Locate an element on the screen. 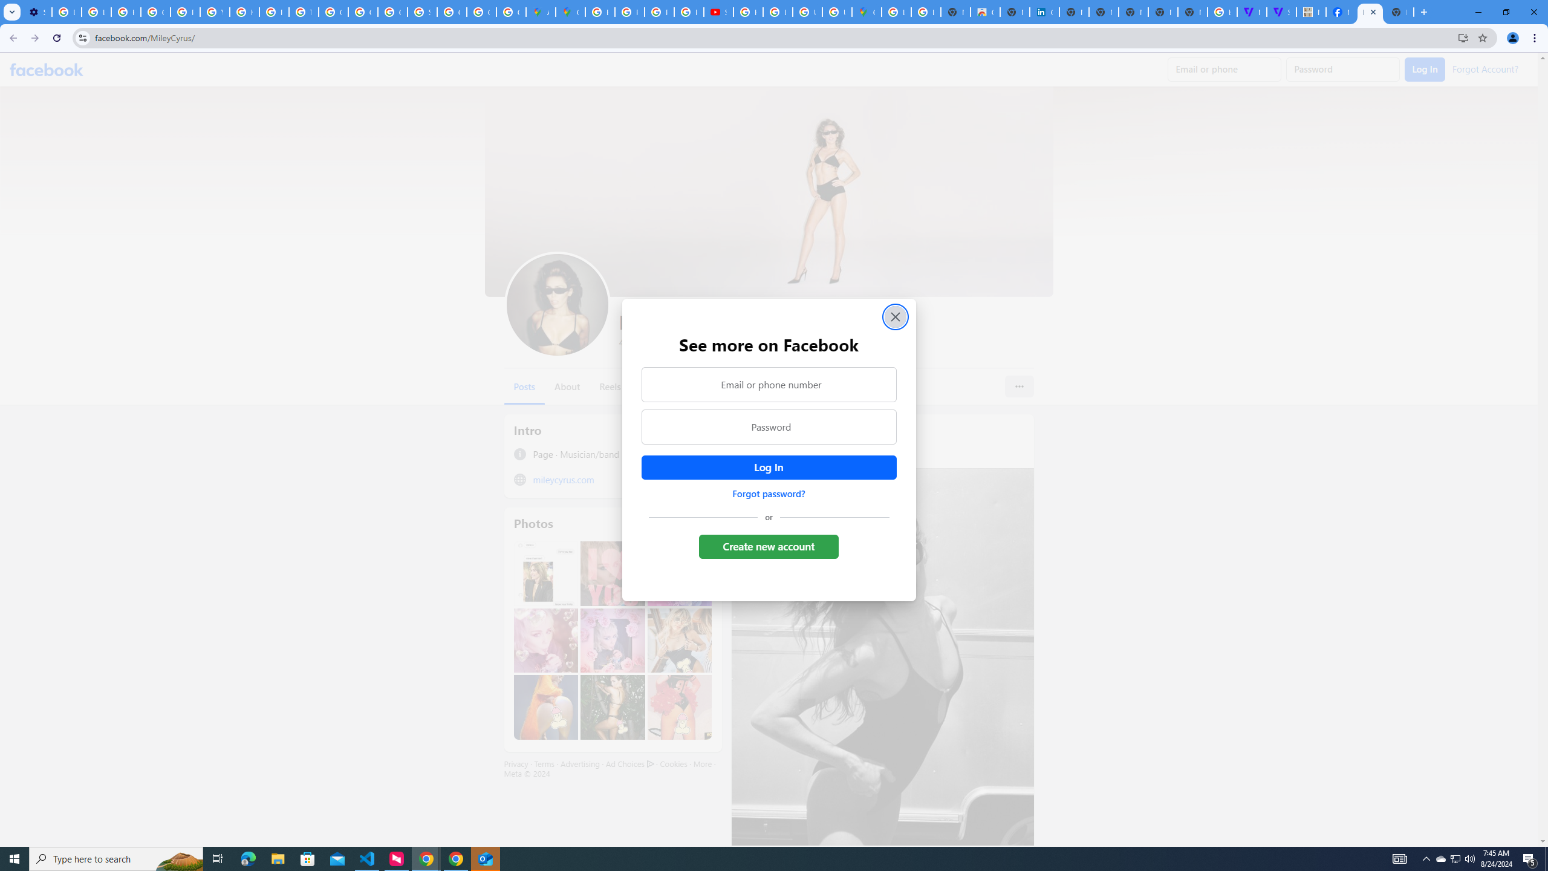 This screenshot has height=871, width=1548. 'Streaming - The Verge' is located at coordinates (1281, 11).